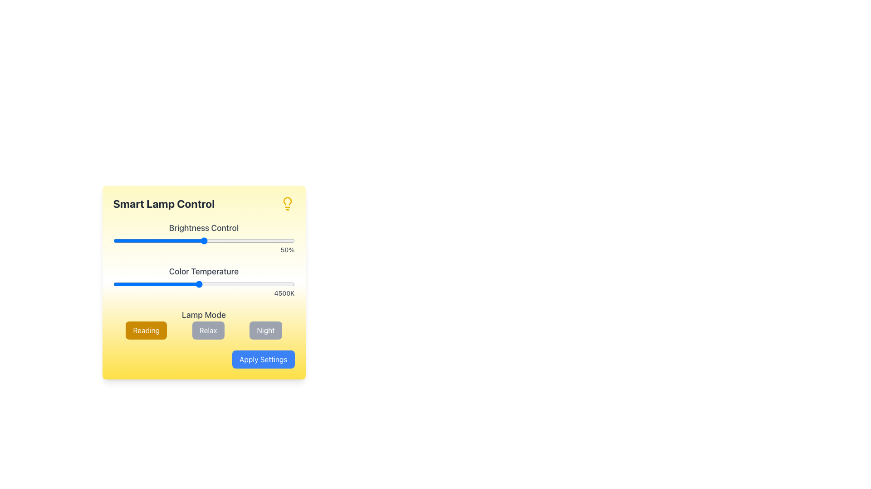 The image size is (871, 489). What do you see at coordinates (208, 330) in the screenshot?
I see `the middle button labeled 'Relax'` at bounding box center [208, 330].